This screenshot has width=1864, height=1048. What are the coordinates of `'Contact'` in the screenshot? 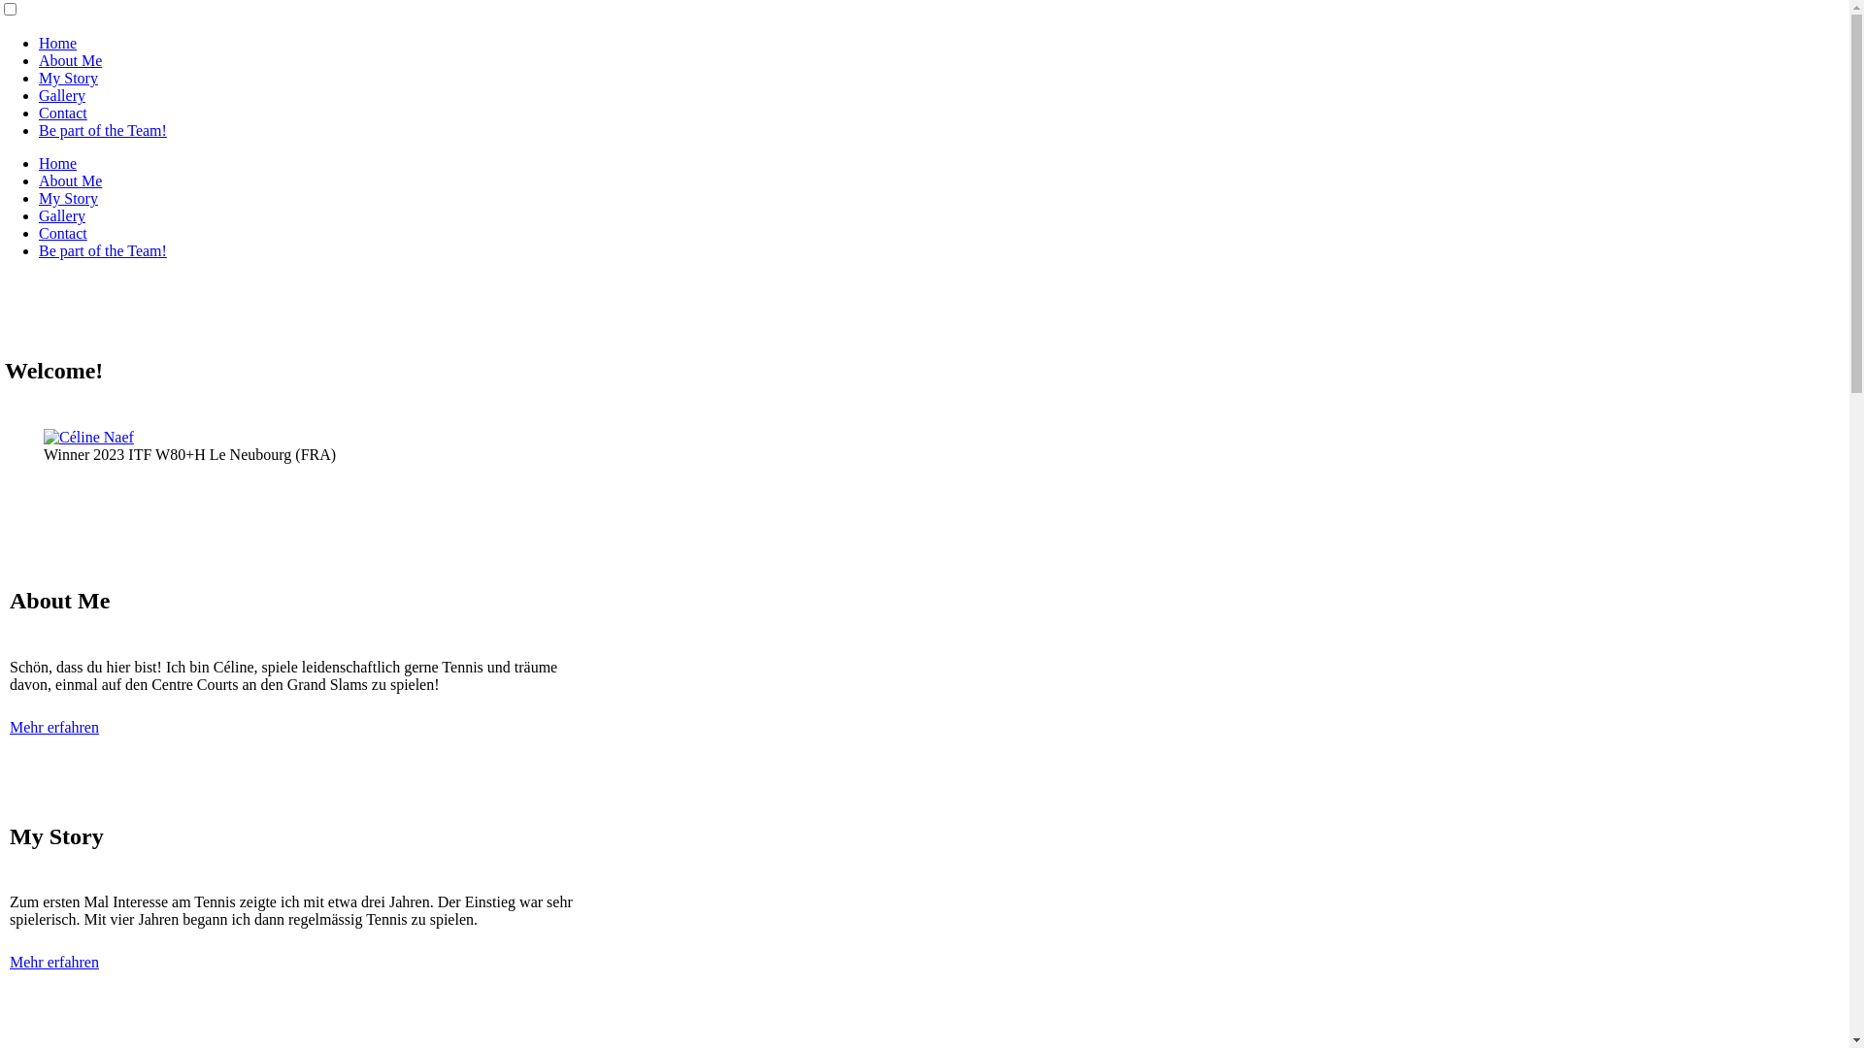 It's located at (63, 232).